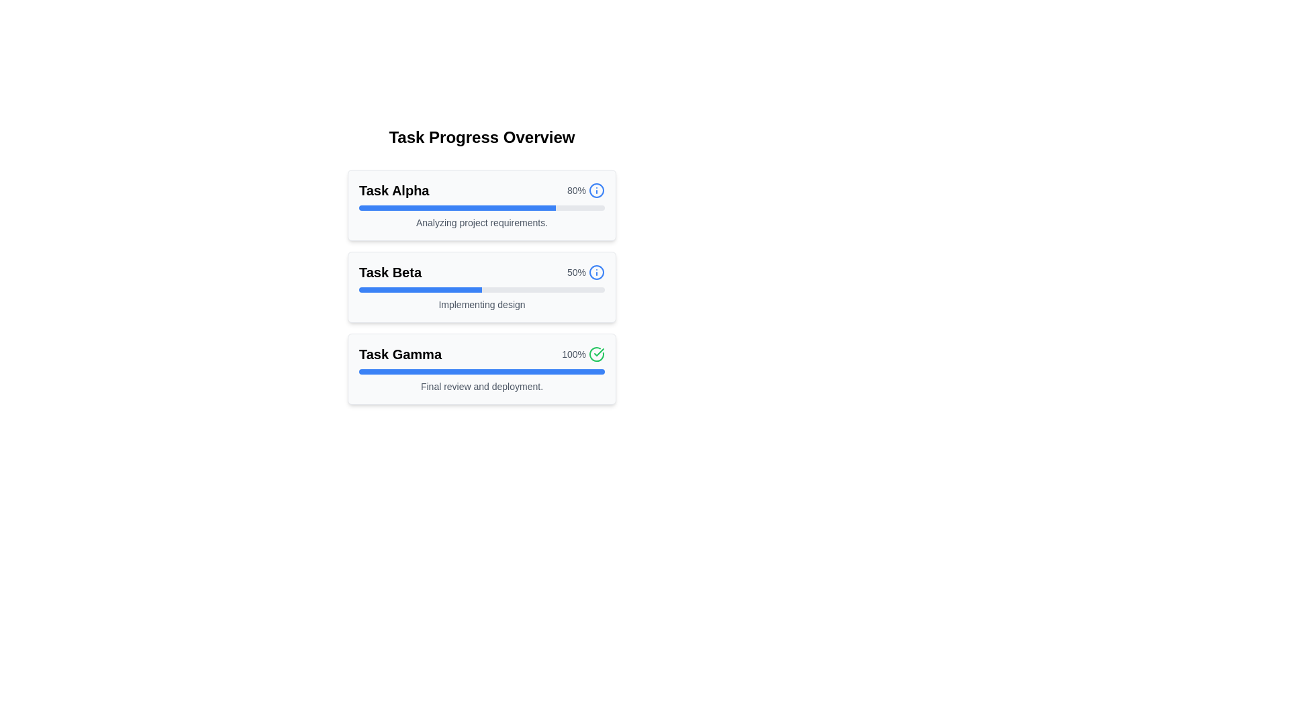  Describe the element at coordinates (482, 207) in the screenshot. I see `the progress bar indicating 80% completion, located within the 'Task Alpha' card, below the title and percentage text, and above the description text 'Analyzing project requirements.'` at that location.